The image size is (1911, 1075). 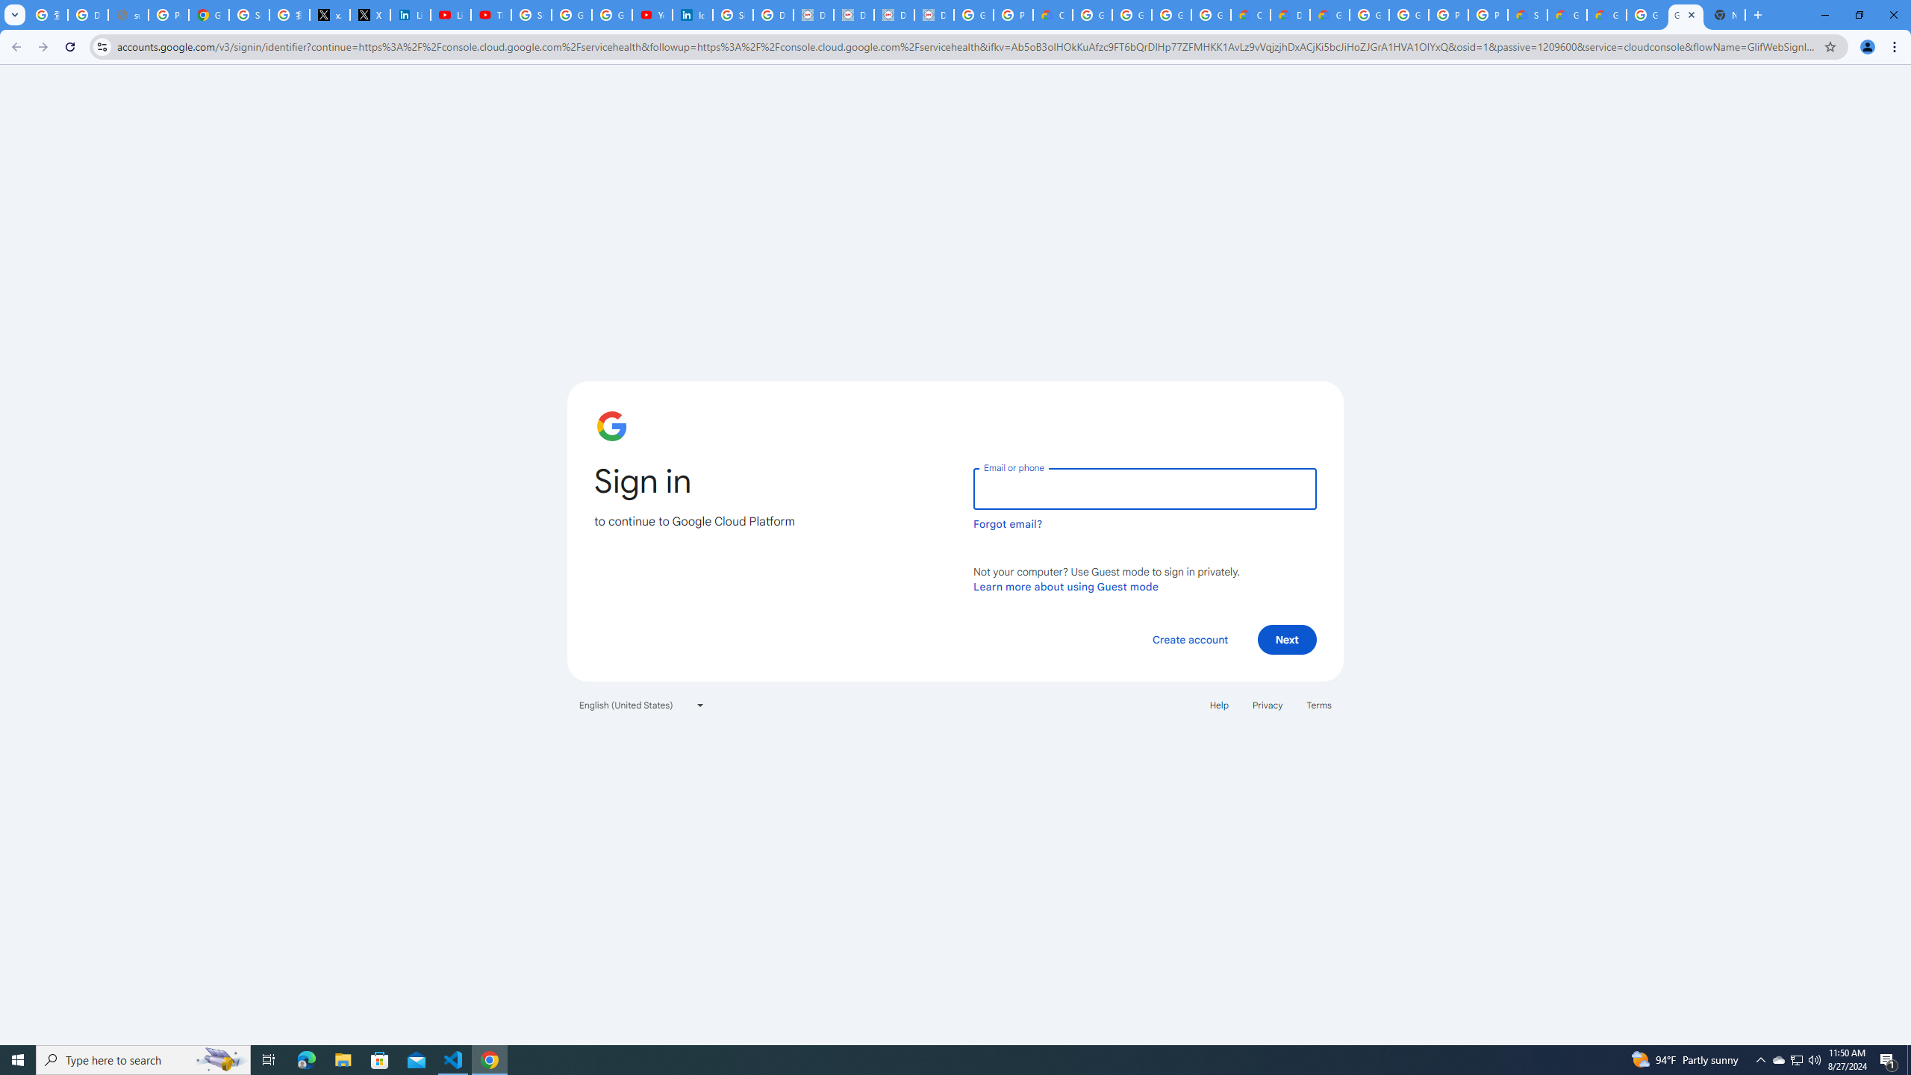 I want to click on 'X', so click(x=370, y=14).